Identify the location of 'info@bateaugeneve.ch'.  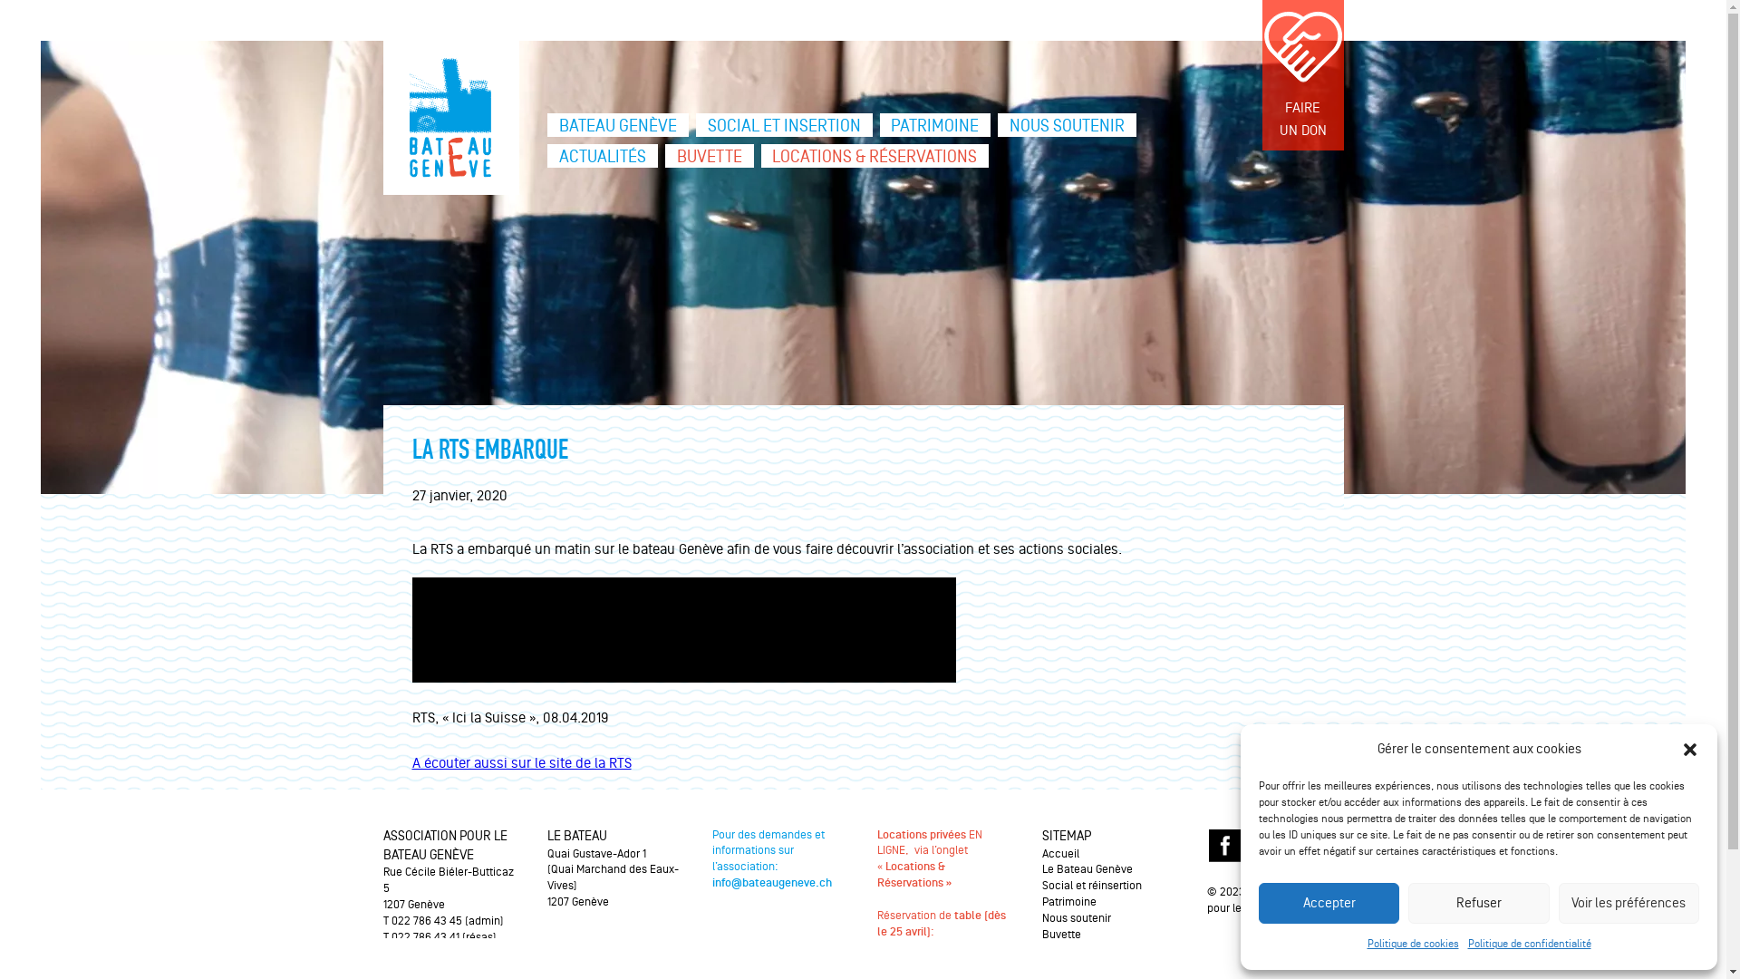
(771, 882).